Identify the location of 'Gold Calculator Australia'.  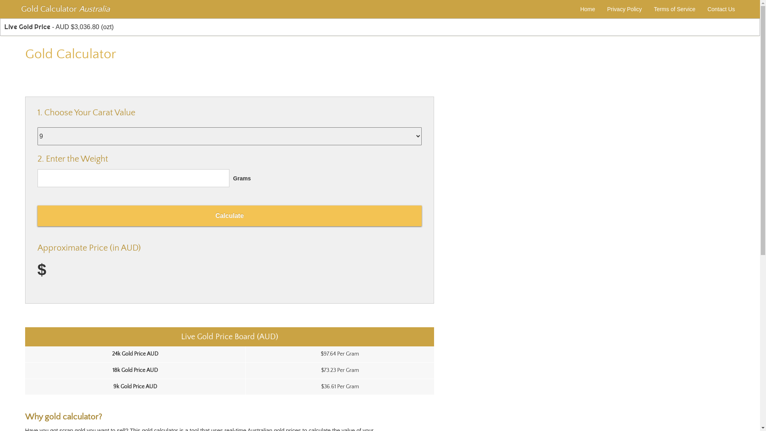
(19, 9).